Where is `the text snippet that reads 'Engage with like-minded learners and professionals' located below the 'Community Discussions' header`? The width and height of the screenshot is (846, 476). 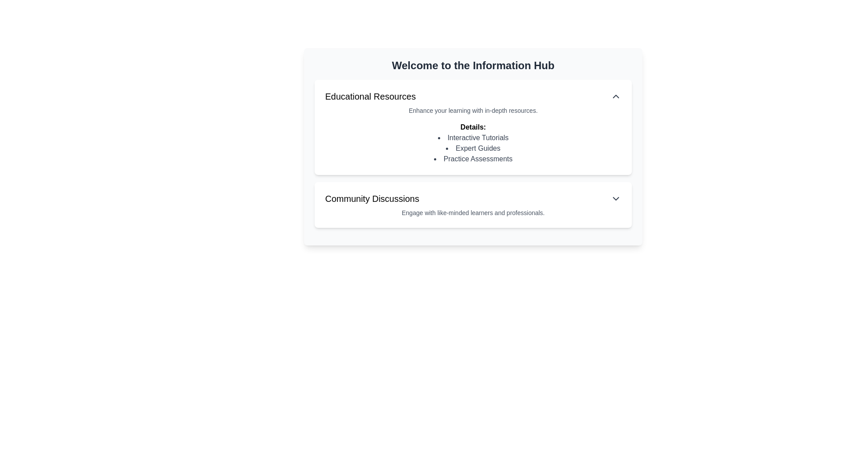 the text snippet that reads 'Engage with like-minded learners and professionals' located below the 'Community Discussions' header is located at coordinates (473, 212).